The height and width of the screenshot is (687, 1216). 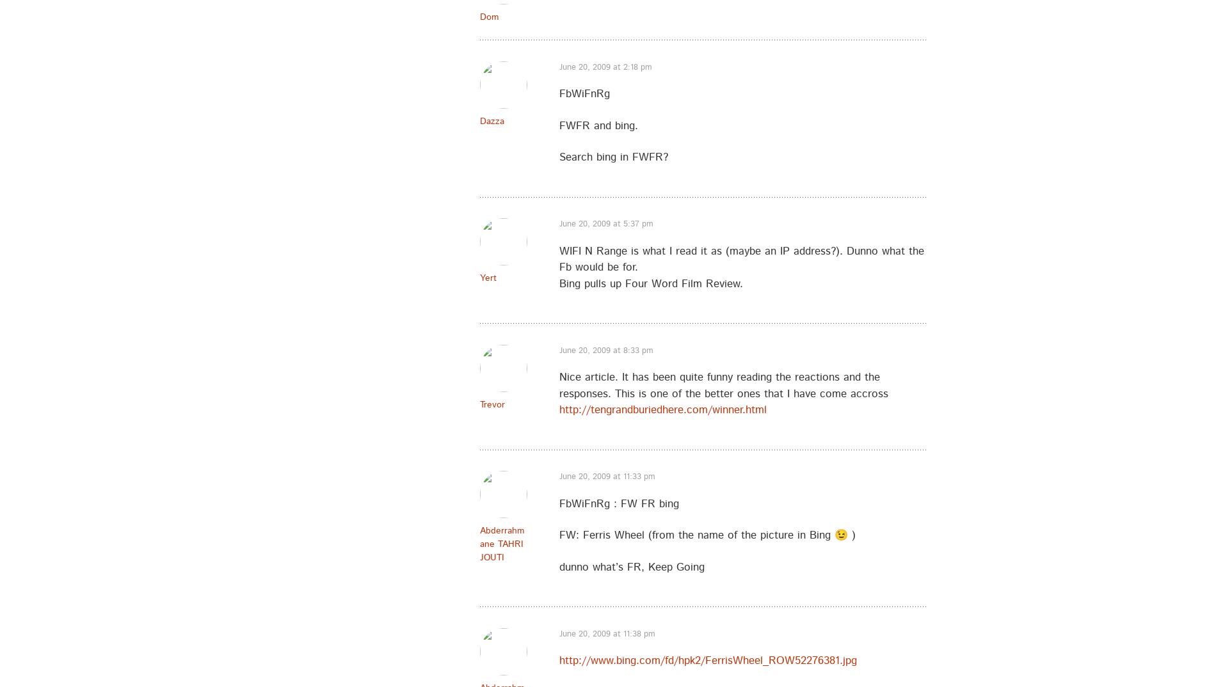 What do you see at coordinates (559, 535) in the screenshot?
I see `'FW: Ferris Wheel (from the name of the picture in Bing 😉 )'` at bounding box center [559, 535].